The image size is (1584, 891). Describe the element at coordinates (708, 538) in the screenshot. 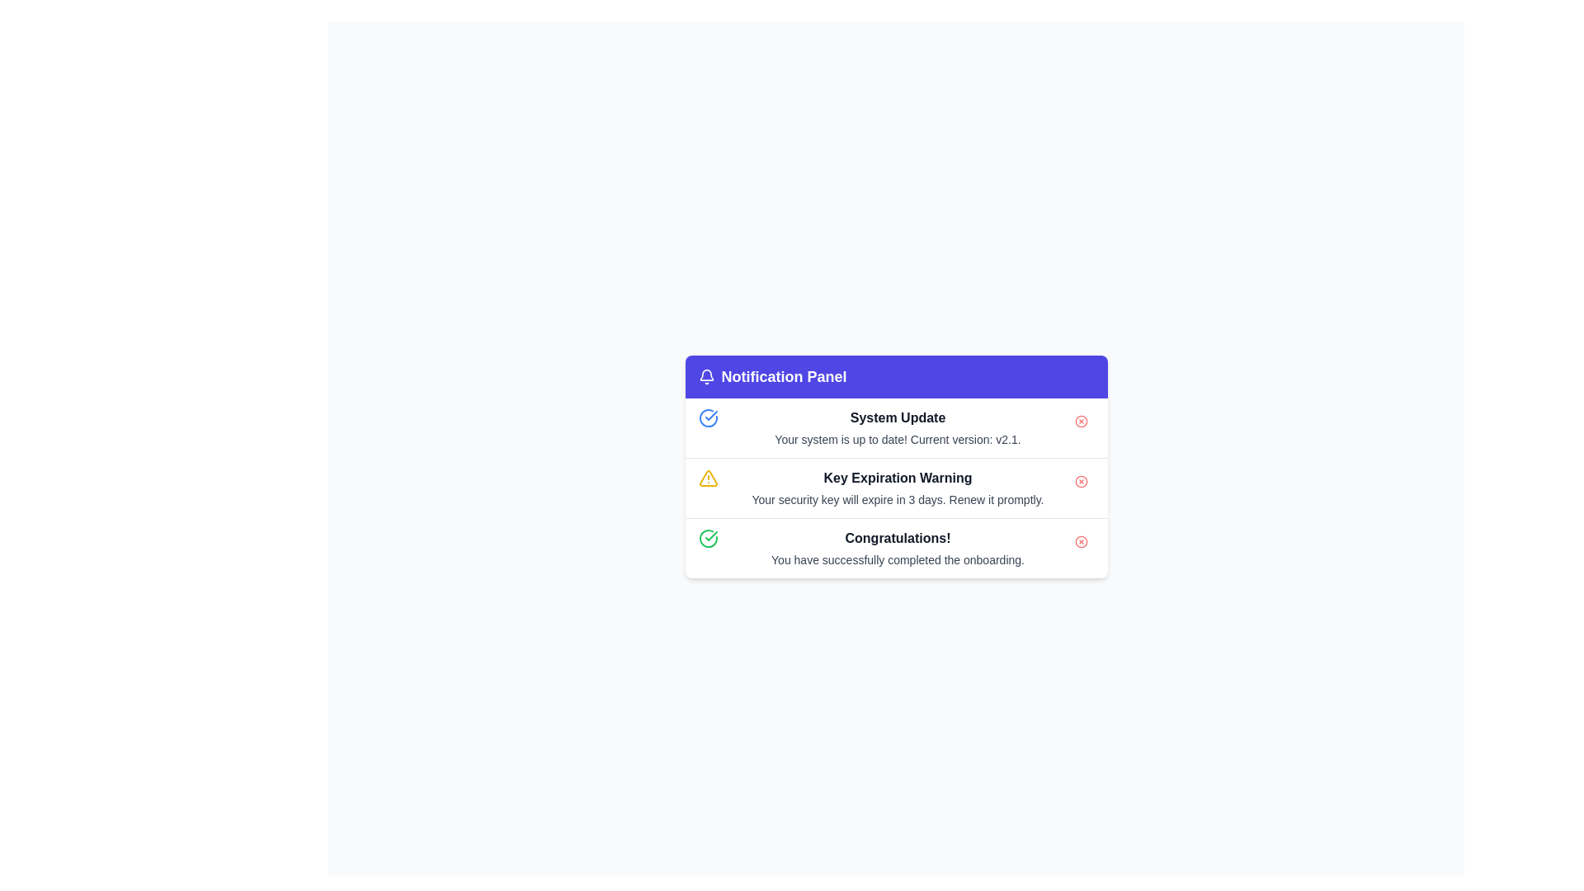

I see `the completion indicator icon located in the third notification row of the Notification Panel, which is directly to the left of the 'Congratulations!' text` at that location.